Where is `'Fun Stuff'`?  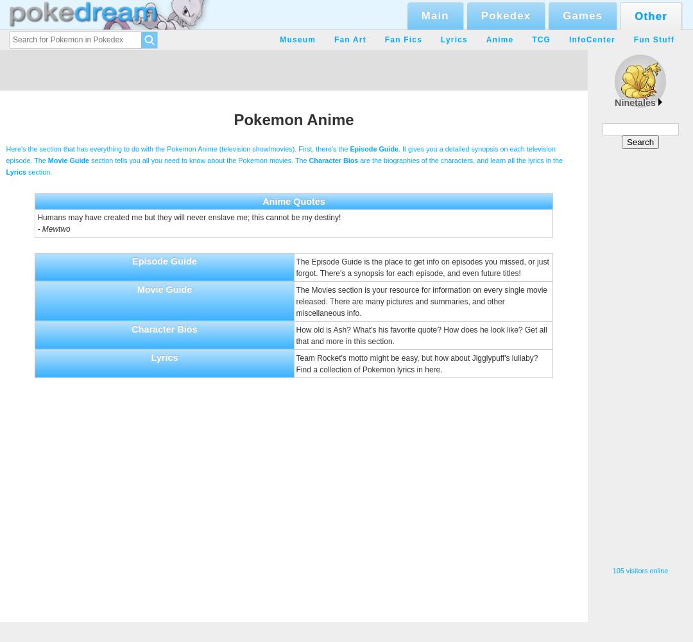
'Fun Stuff' is located at coordinates (653, 40).